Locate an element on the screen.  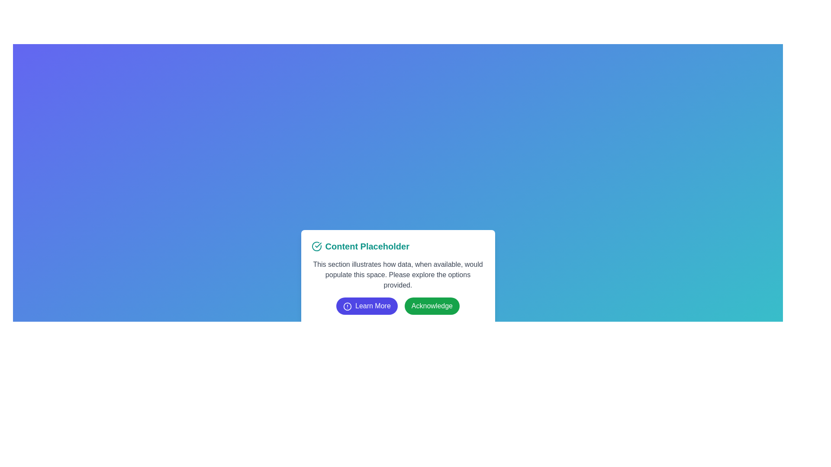
the SVG circle element that represents the main circular outline of an alert icon, which has no fill and a stroke color matching the theme's text color is located at coordinates (347, 306).